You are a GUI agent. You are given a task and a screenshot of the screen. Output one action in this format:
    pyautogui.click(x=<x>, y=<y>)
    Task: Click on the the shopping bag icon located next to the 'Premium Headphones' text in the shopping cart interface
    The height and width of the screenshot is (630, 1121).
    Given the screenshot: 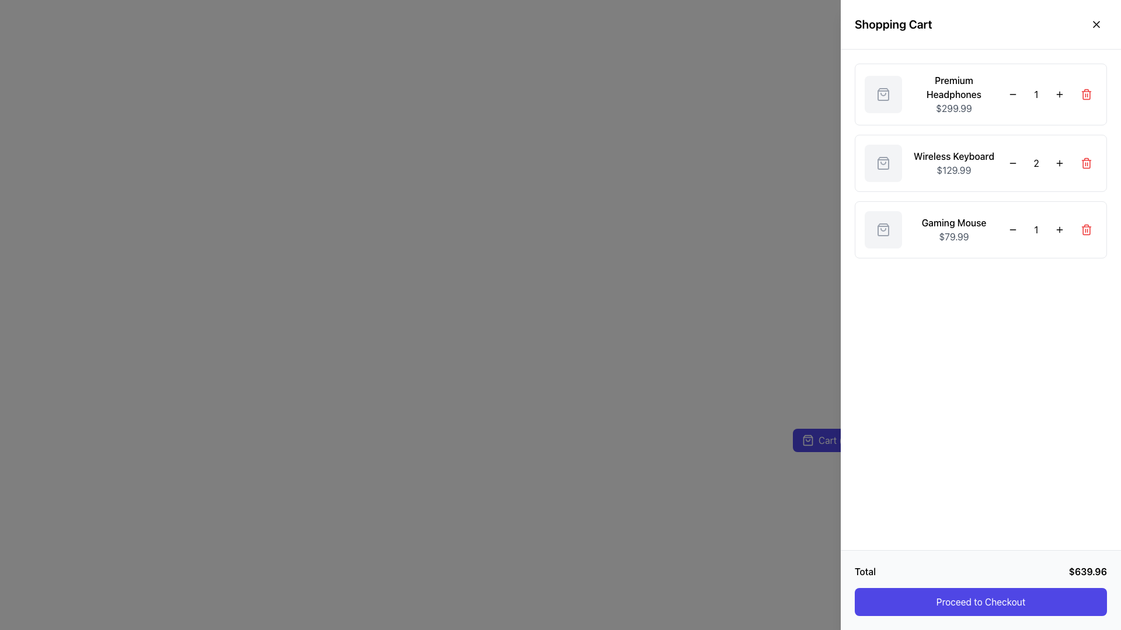 What is the action you would take?
    pyautogui.click(x=883, y=94)
    